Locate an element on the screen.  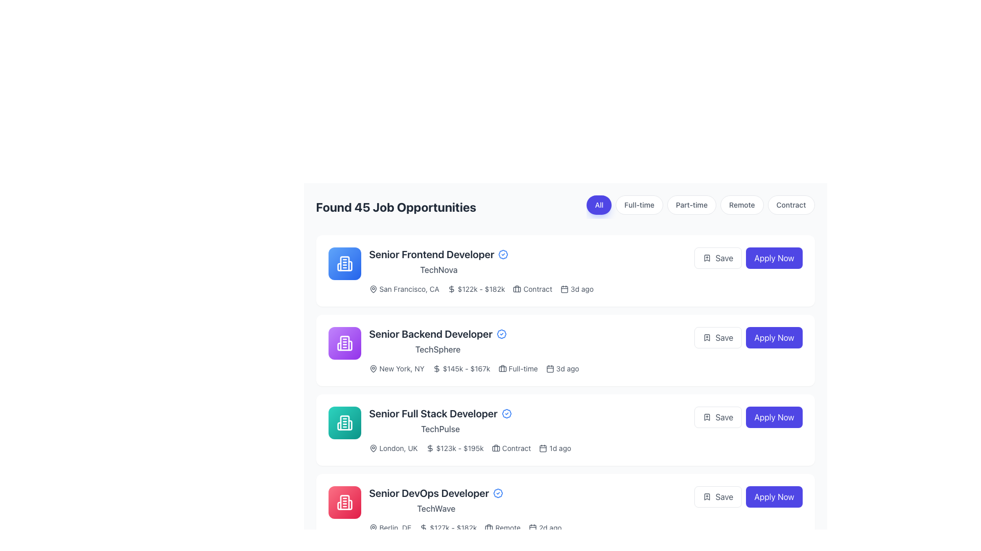
the Information display section located below the job title and company name in the job card for 'Senior Frontend Developer' at 'TechNova', which contains text and icons displaying location, salary range, contract type, and post age is located at coordinates (586, 289).